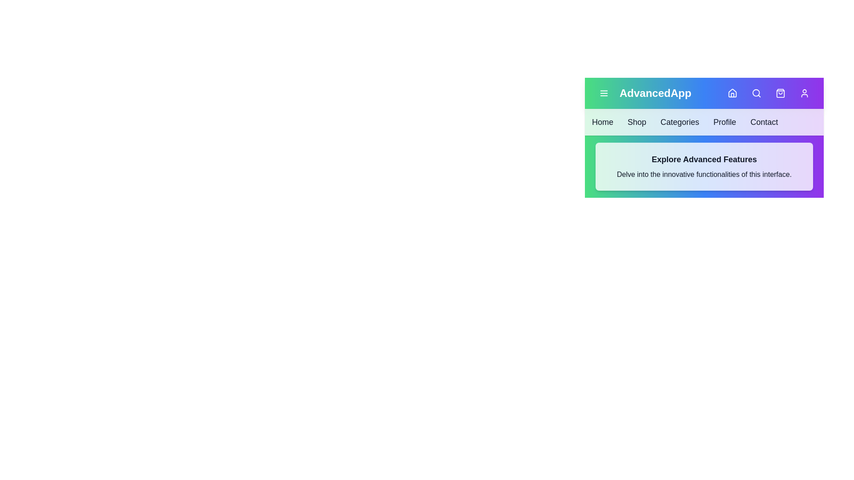 The width and height of the screenshot is (854, 480). I want to click on the navigation bar item labeled Categories to navigate to that section, so click(679, 122).